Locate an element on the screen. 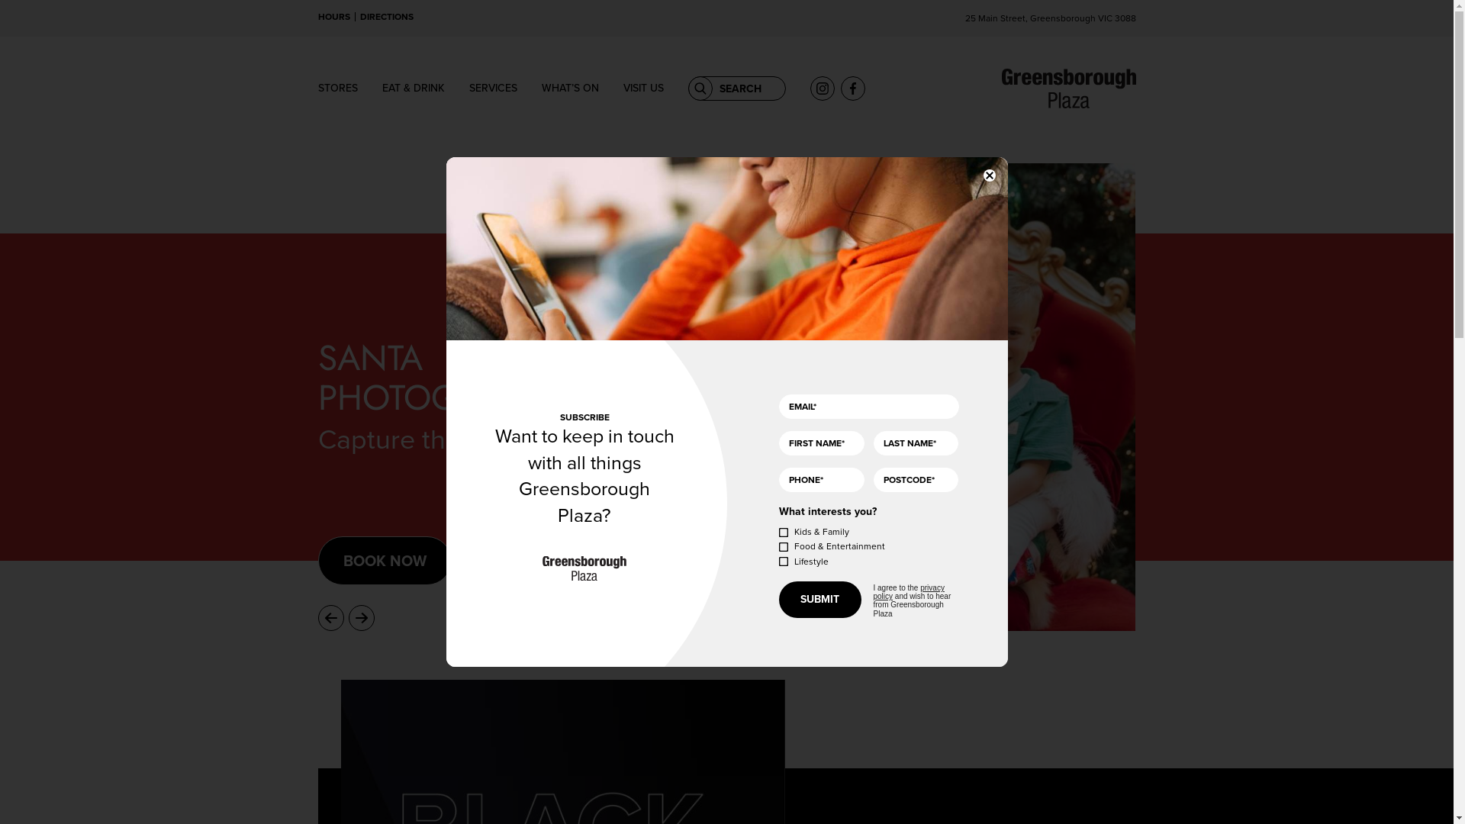 The image size is (1465, 824). 'Previous' is located at coordinates (329, 618).